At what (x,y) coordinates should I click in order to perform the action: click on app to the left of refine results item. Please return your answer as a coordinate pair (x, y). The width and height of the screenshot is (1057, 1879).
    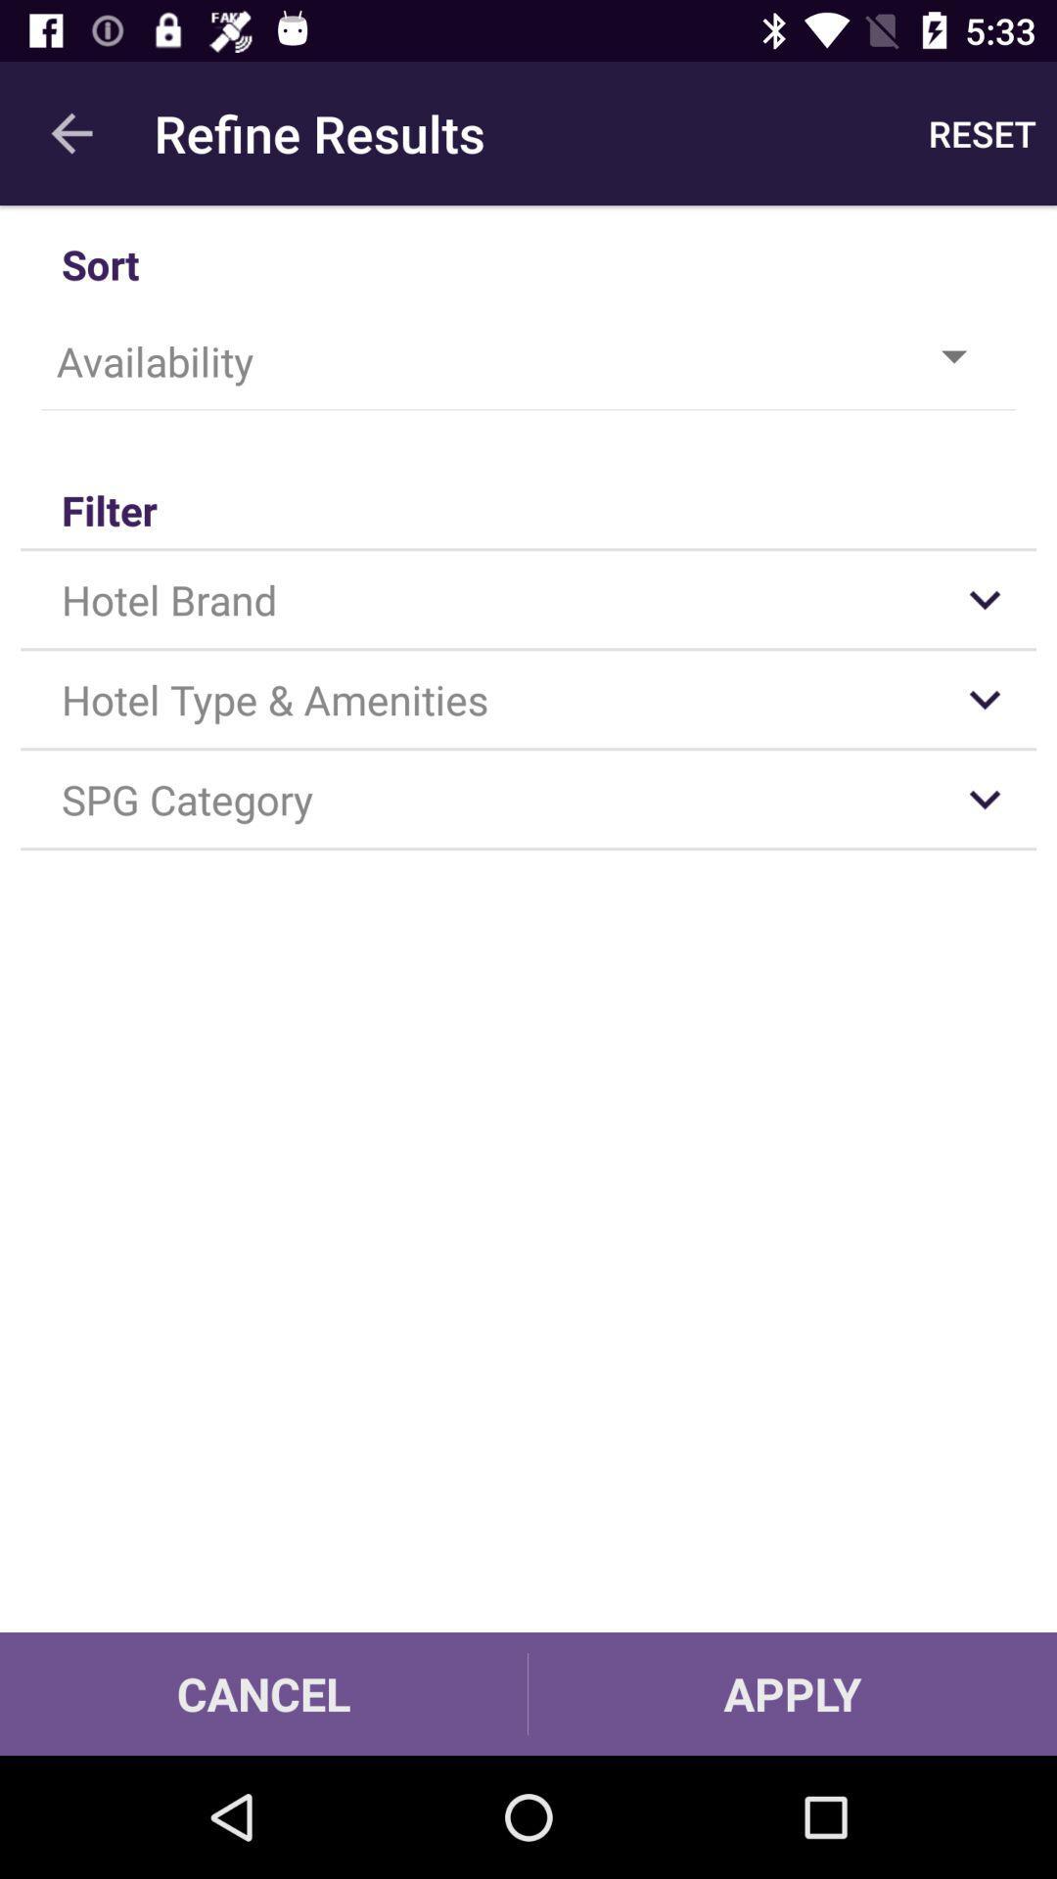
    Looking at the image, I should click on (70, 132).